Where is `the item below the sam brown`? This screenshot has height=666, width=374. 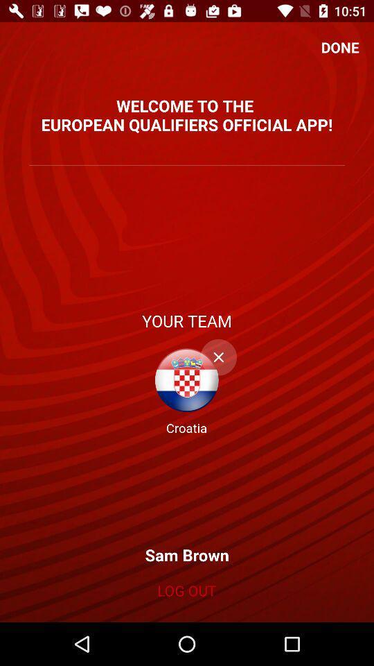 the item below the sam brown is located at coordinates (186, 590).